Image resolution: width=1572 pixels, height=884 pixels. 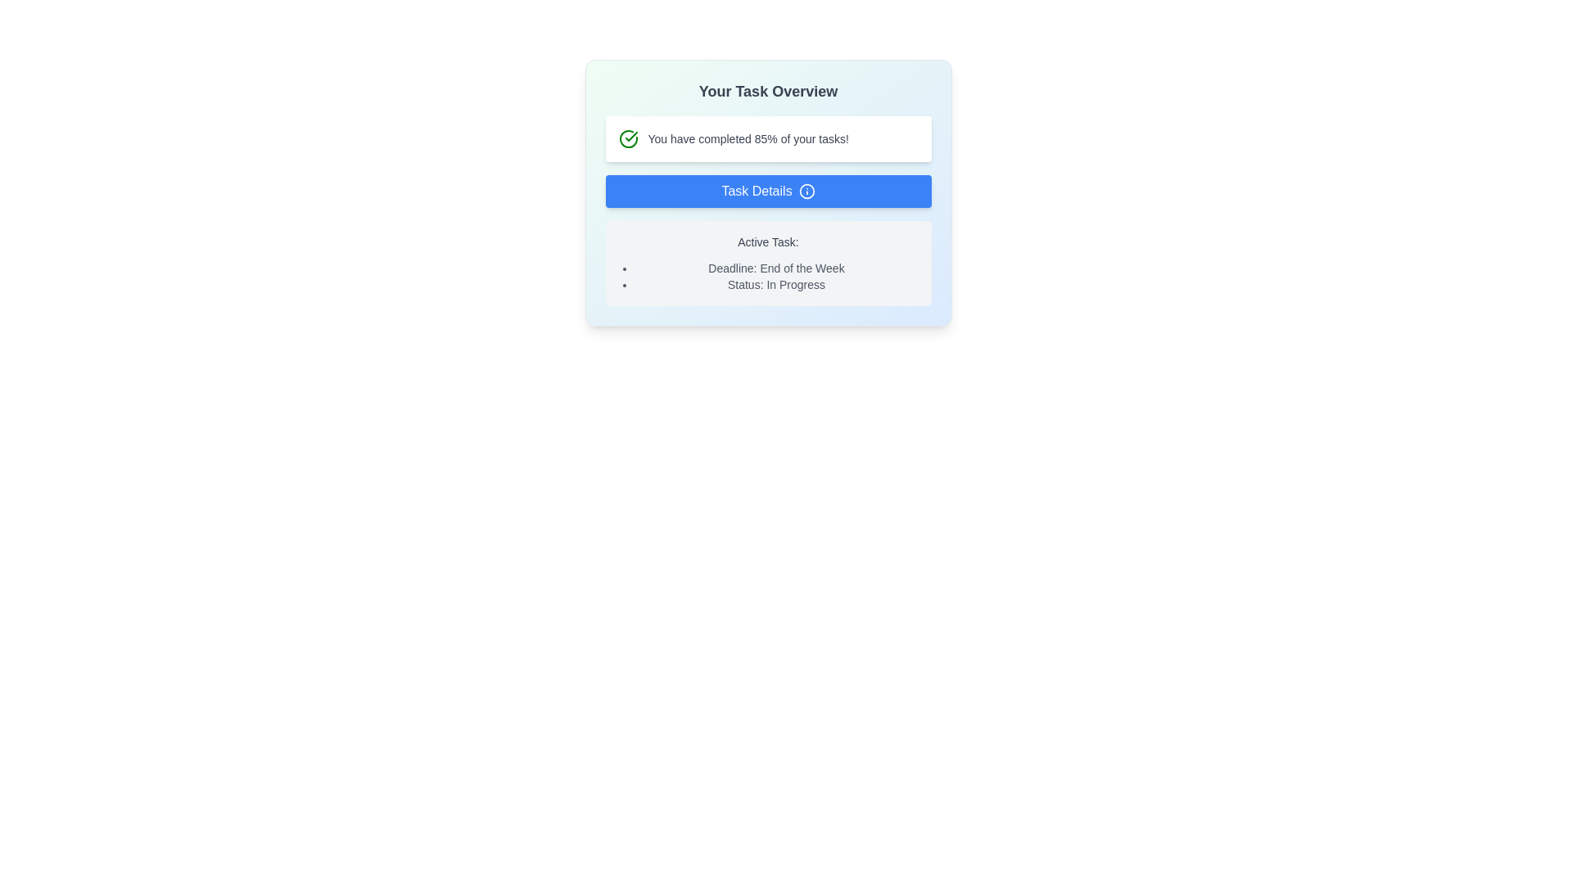 I want to click on the 'Task Details' button which encompasses the circular SVG icon located on the right side of it, so click(x=806, y=191).